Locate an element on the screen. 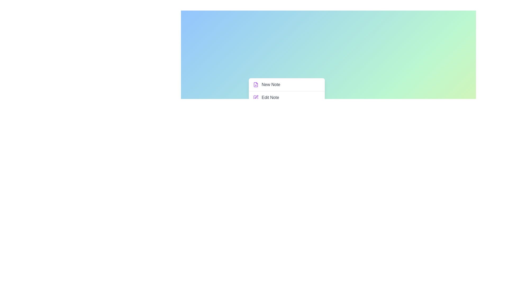 The height and width of the screenshot is (285, 508). the 'New Note' option in the menu is located at coordinates (287, 84).